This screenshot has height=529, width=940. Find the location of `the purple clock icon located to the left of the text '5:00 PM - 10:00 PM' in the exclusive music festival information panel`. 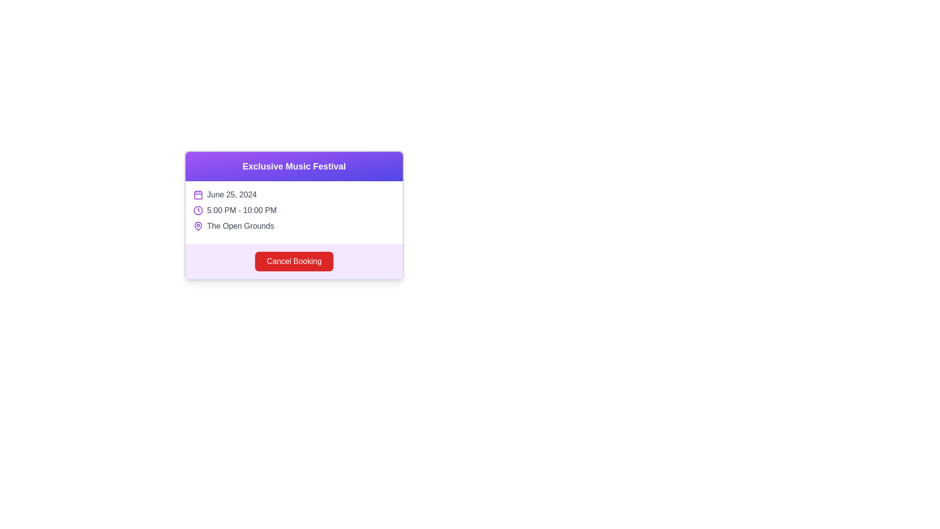

the purple clock icon located to the left of the text '5:00 PM - 10:00 PM' in the exclusive music festival information panel is located at coordinates (197, 210).